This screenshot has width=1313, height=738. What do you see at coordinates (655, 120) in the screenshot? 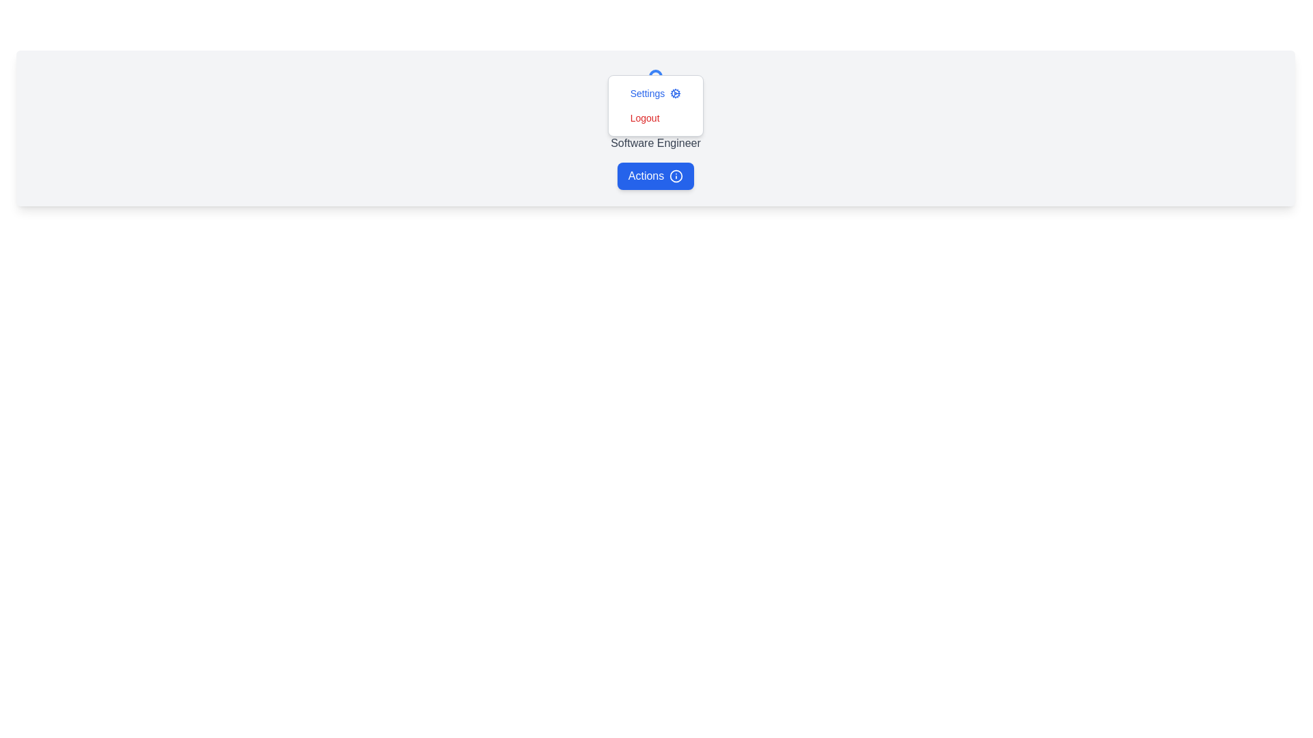
I see `the 'Logout' hyperlink located in the dropdown menu under the 'Settings' option in the user profile section` at bounding box center [655, 120].